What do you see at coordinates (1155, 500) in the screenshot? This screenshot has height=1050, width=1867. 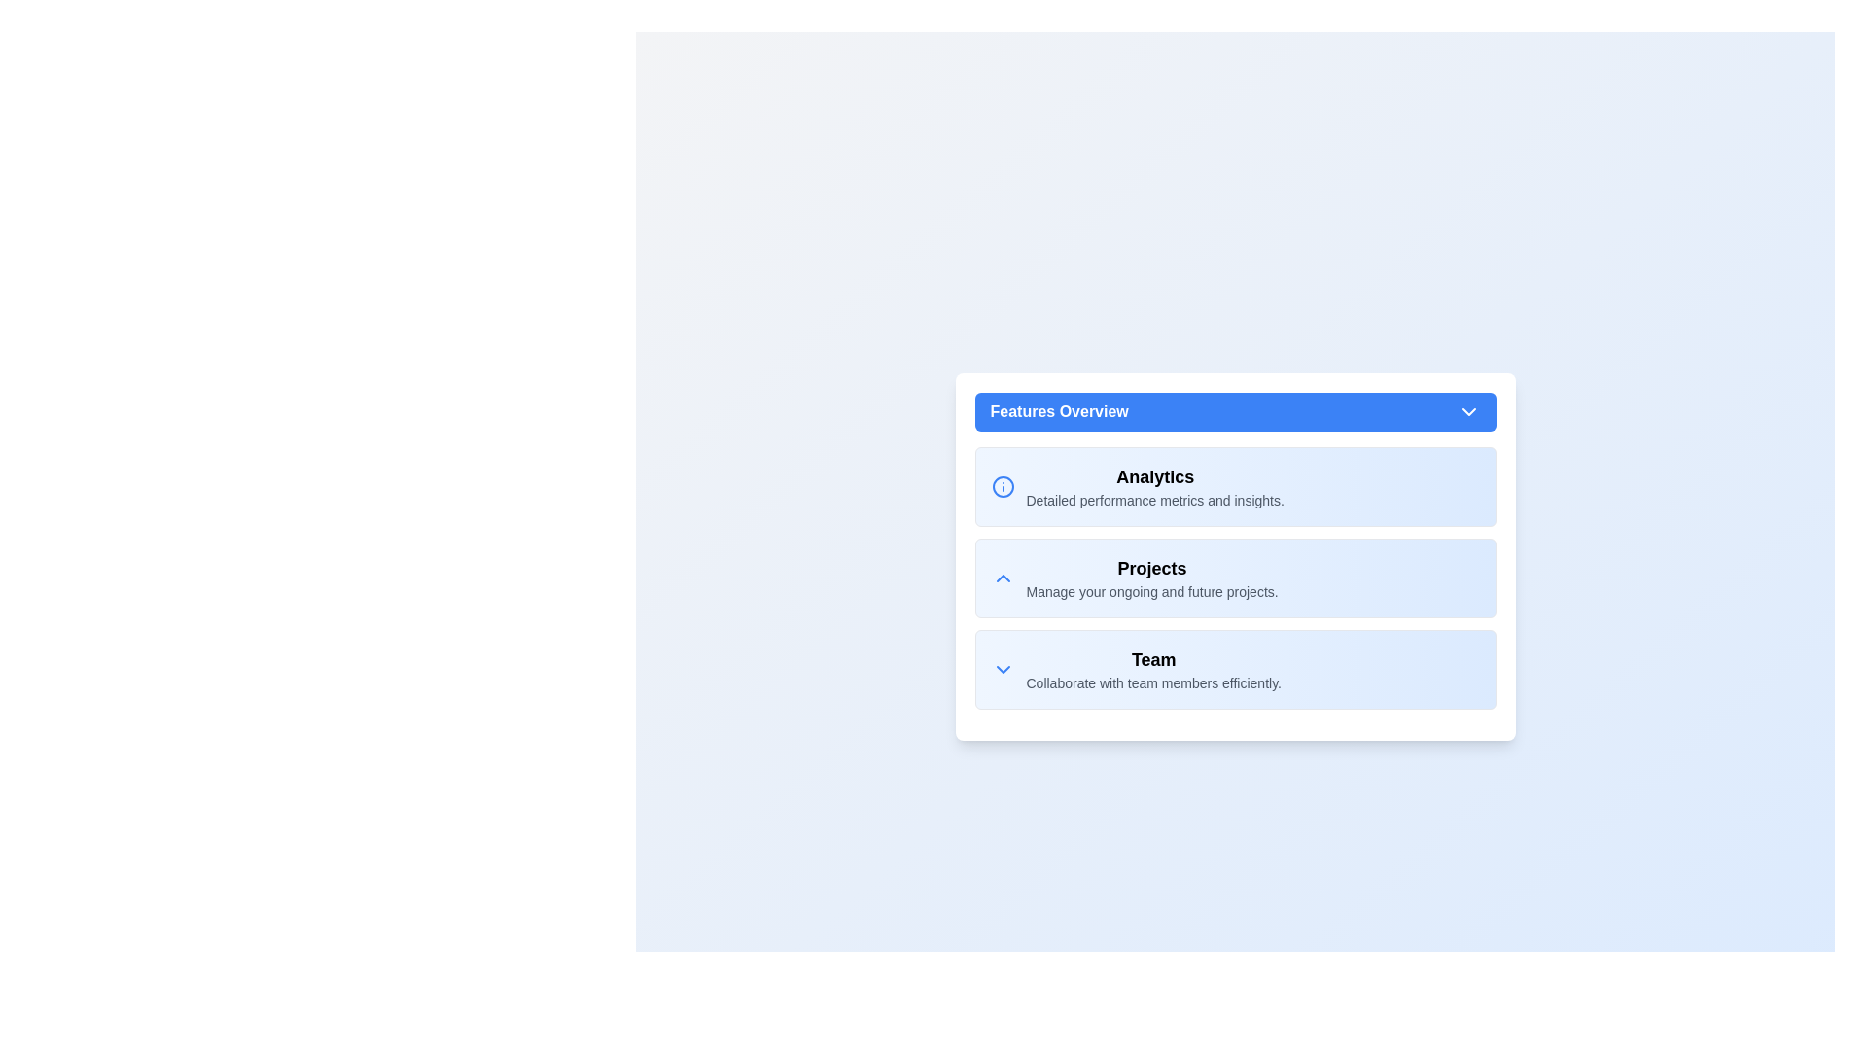 I see `the gray text label located directly underneath the 'Analytics' title, which is styled in a smaller font size and is part of a rectangular section with an icon to its left` at bounding box center [1155, 500].